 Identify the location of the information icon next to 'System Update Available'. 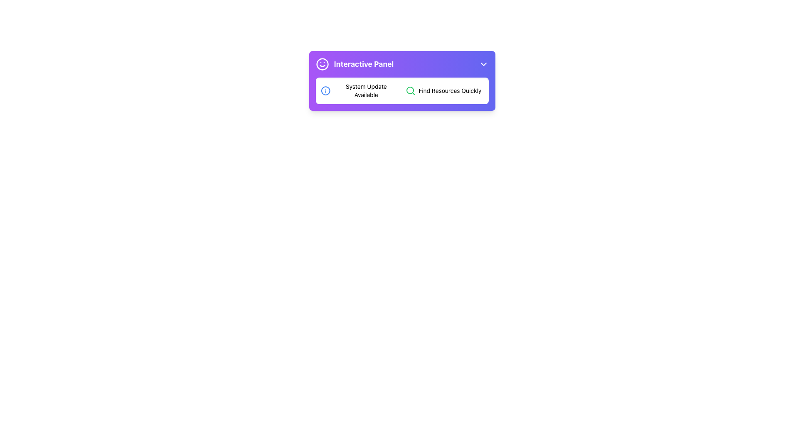
(325, 91).